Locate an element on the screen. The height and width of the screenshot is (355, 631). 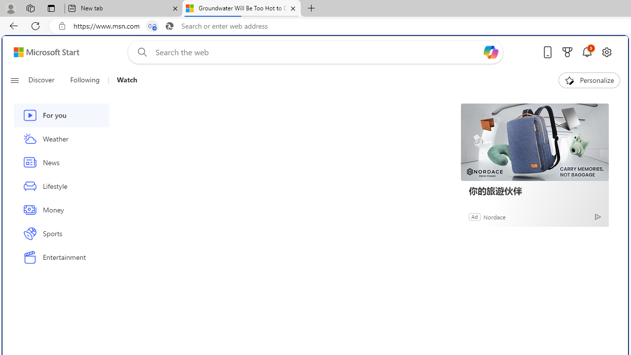
'Microsoft Start' is located at coordinates (46, 52).